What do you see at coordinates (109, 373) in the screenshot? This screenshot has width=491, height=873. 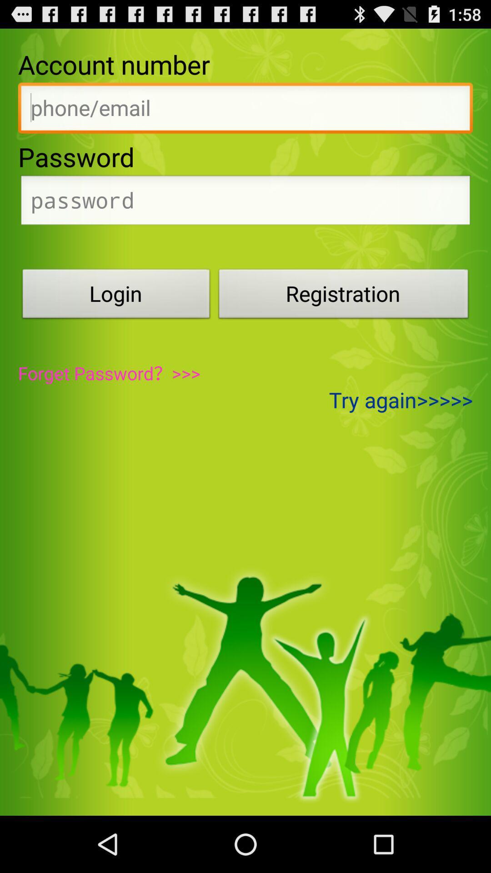 I see `the item below the login item` at bounding box center [109, 373].